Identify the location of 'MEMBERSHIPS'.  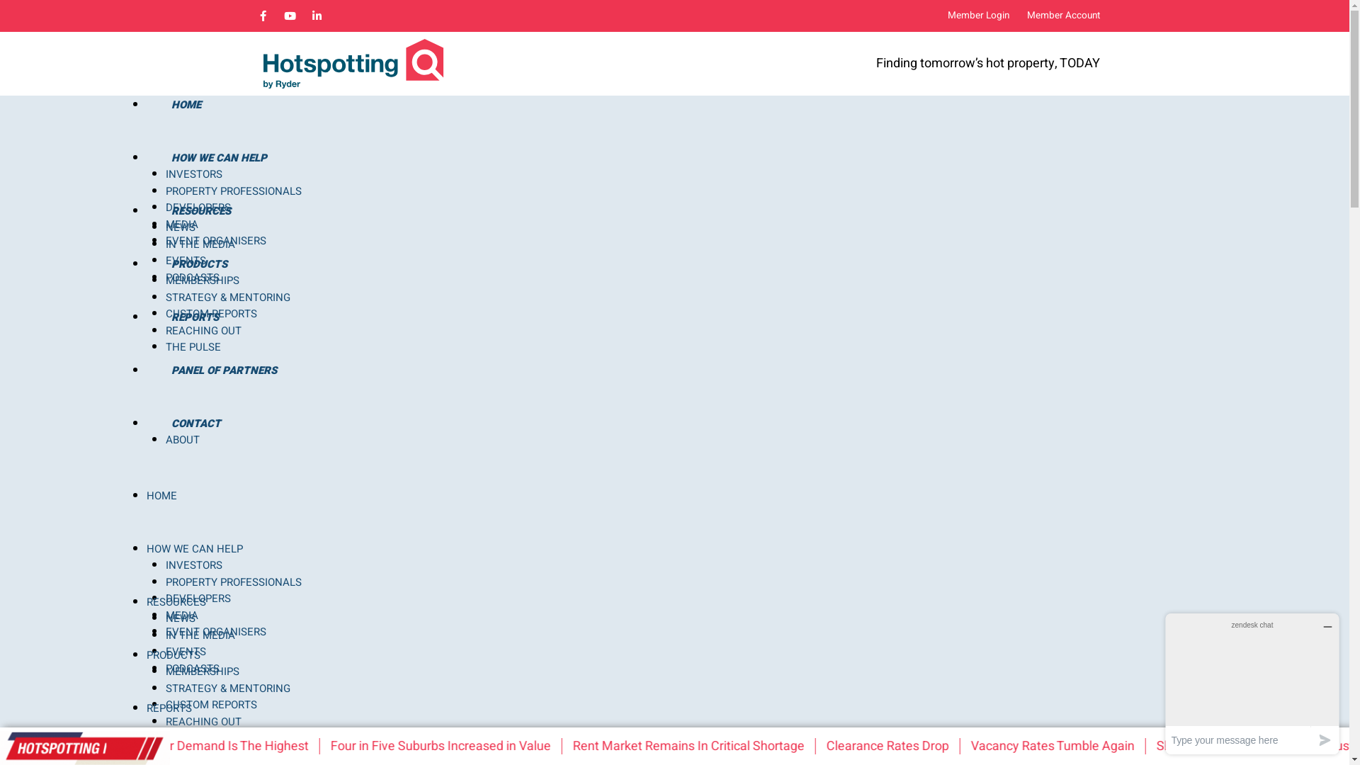
(202, 671).